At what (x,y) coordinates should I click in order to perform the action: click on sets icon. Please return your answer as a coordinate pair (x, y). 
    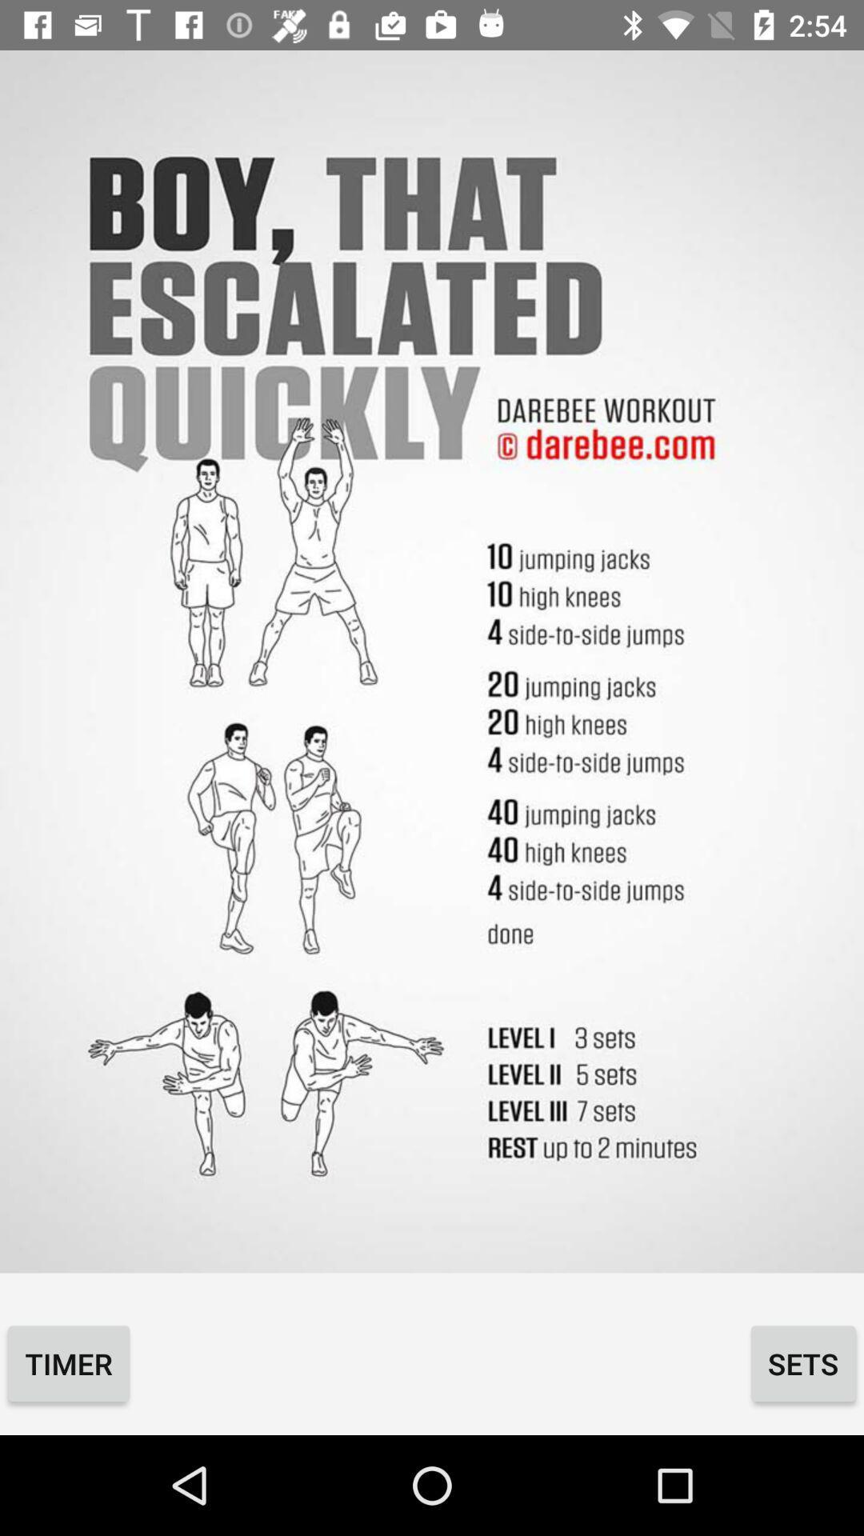
    Looking at the image, I should click on (803, 1362).